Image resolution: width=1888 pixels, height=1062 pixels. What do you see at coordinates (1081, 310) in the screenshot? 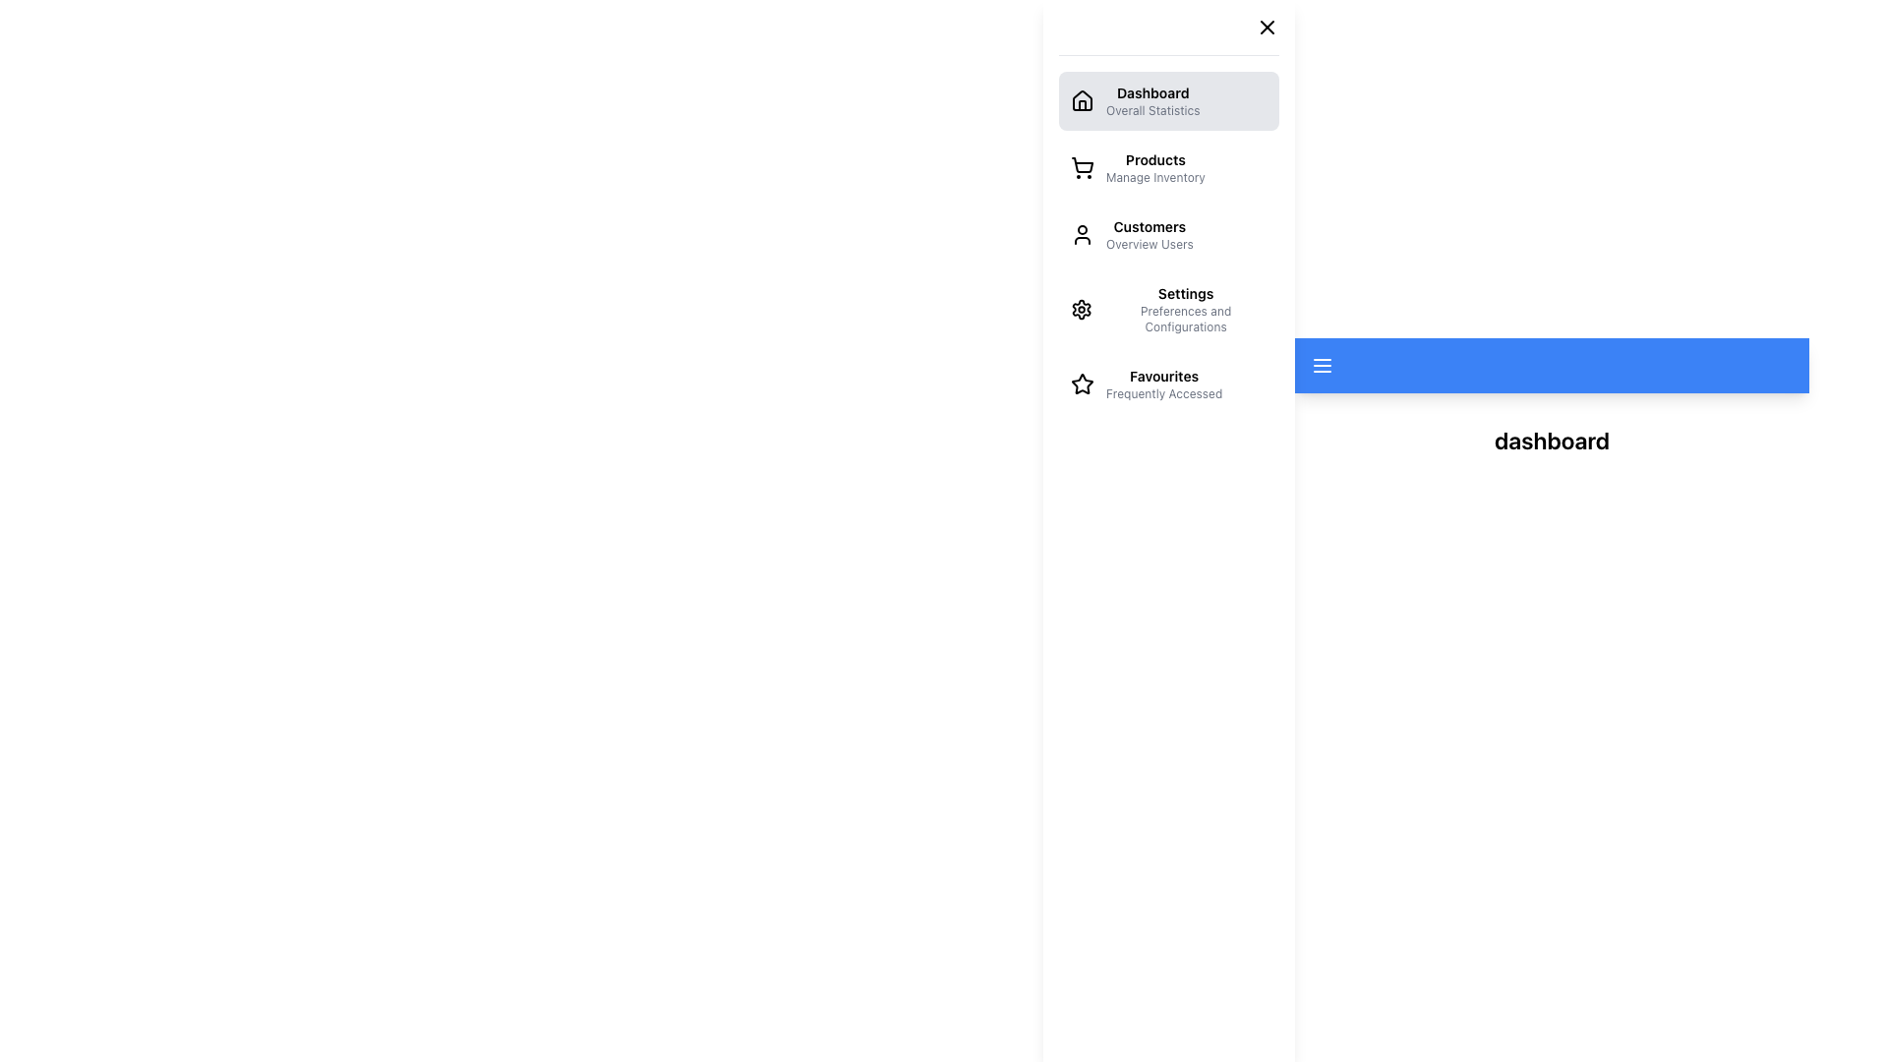
I see `the gear-shaped icon representing the settings option in the navigation panel, located next to the 'Settings' text and under 'Customers'` at bounding box center [1081, 310].